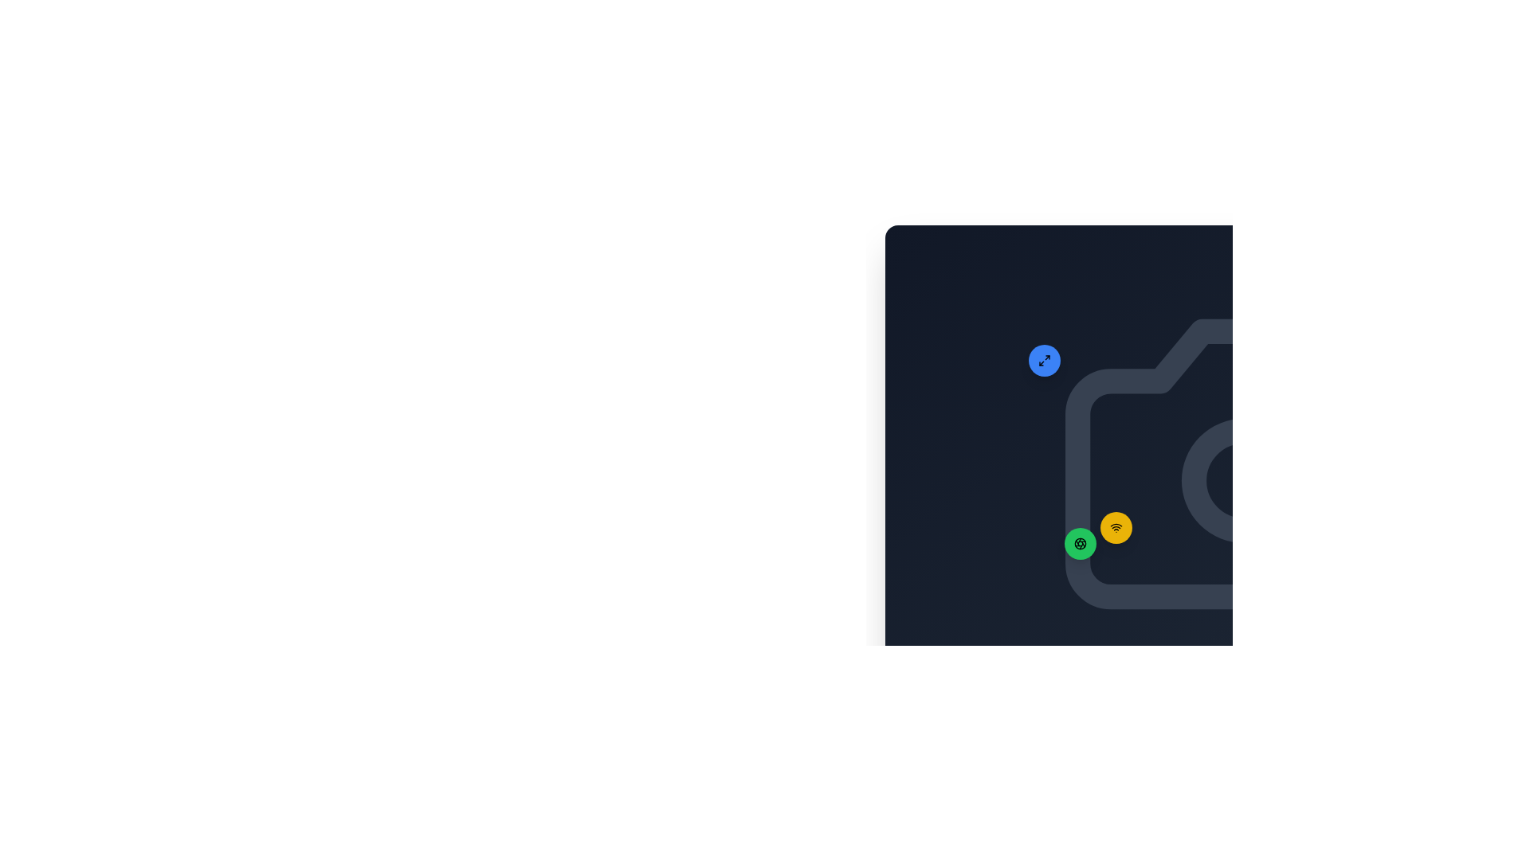  Describe the element at coordinates (1081, 542) in the screenshot. I see `the button located near the bottom-left region of a dark interface layout, above the middle relative to its containing group of elements, adjacent to a yellow circular button with a WiFi icon` at that location.